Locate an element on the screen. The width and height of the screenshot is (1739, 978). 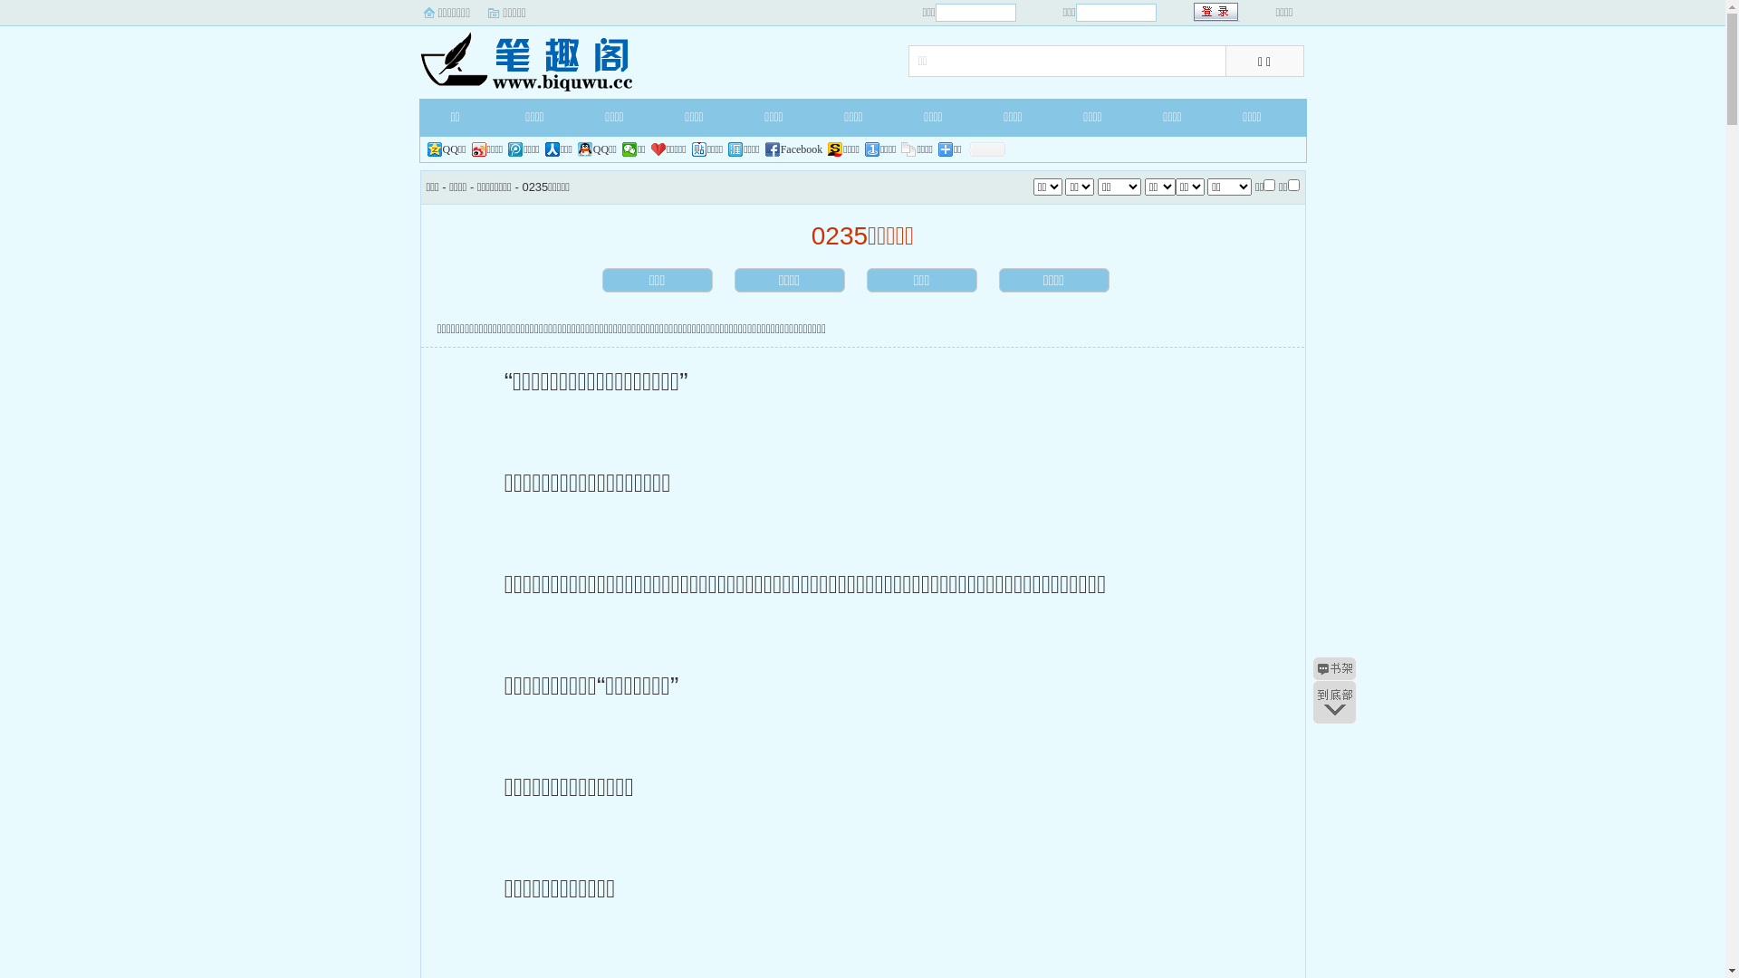
'Facebook' is located at coordinates (764, 149).